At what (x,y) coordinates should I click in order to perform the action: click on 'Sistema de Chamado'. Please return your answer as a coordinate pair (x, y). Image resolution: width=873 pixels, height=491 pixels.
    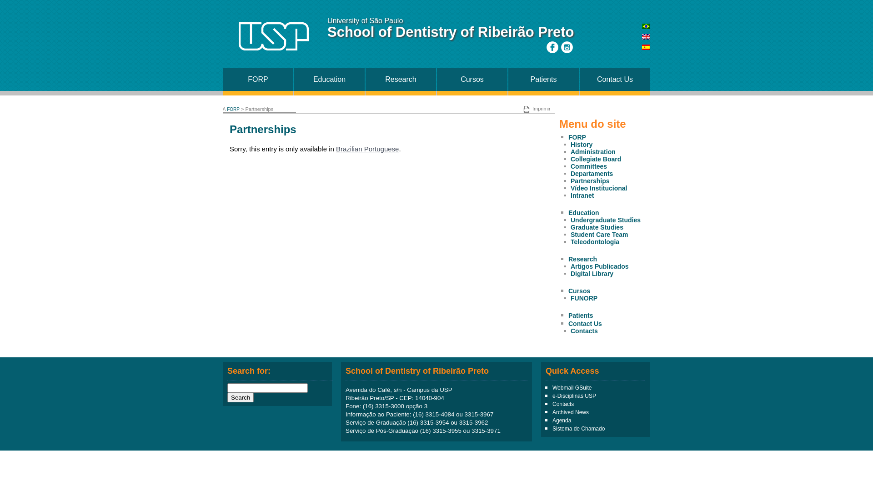
    Looking at the image, I should click on (578, 428).